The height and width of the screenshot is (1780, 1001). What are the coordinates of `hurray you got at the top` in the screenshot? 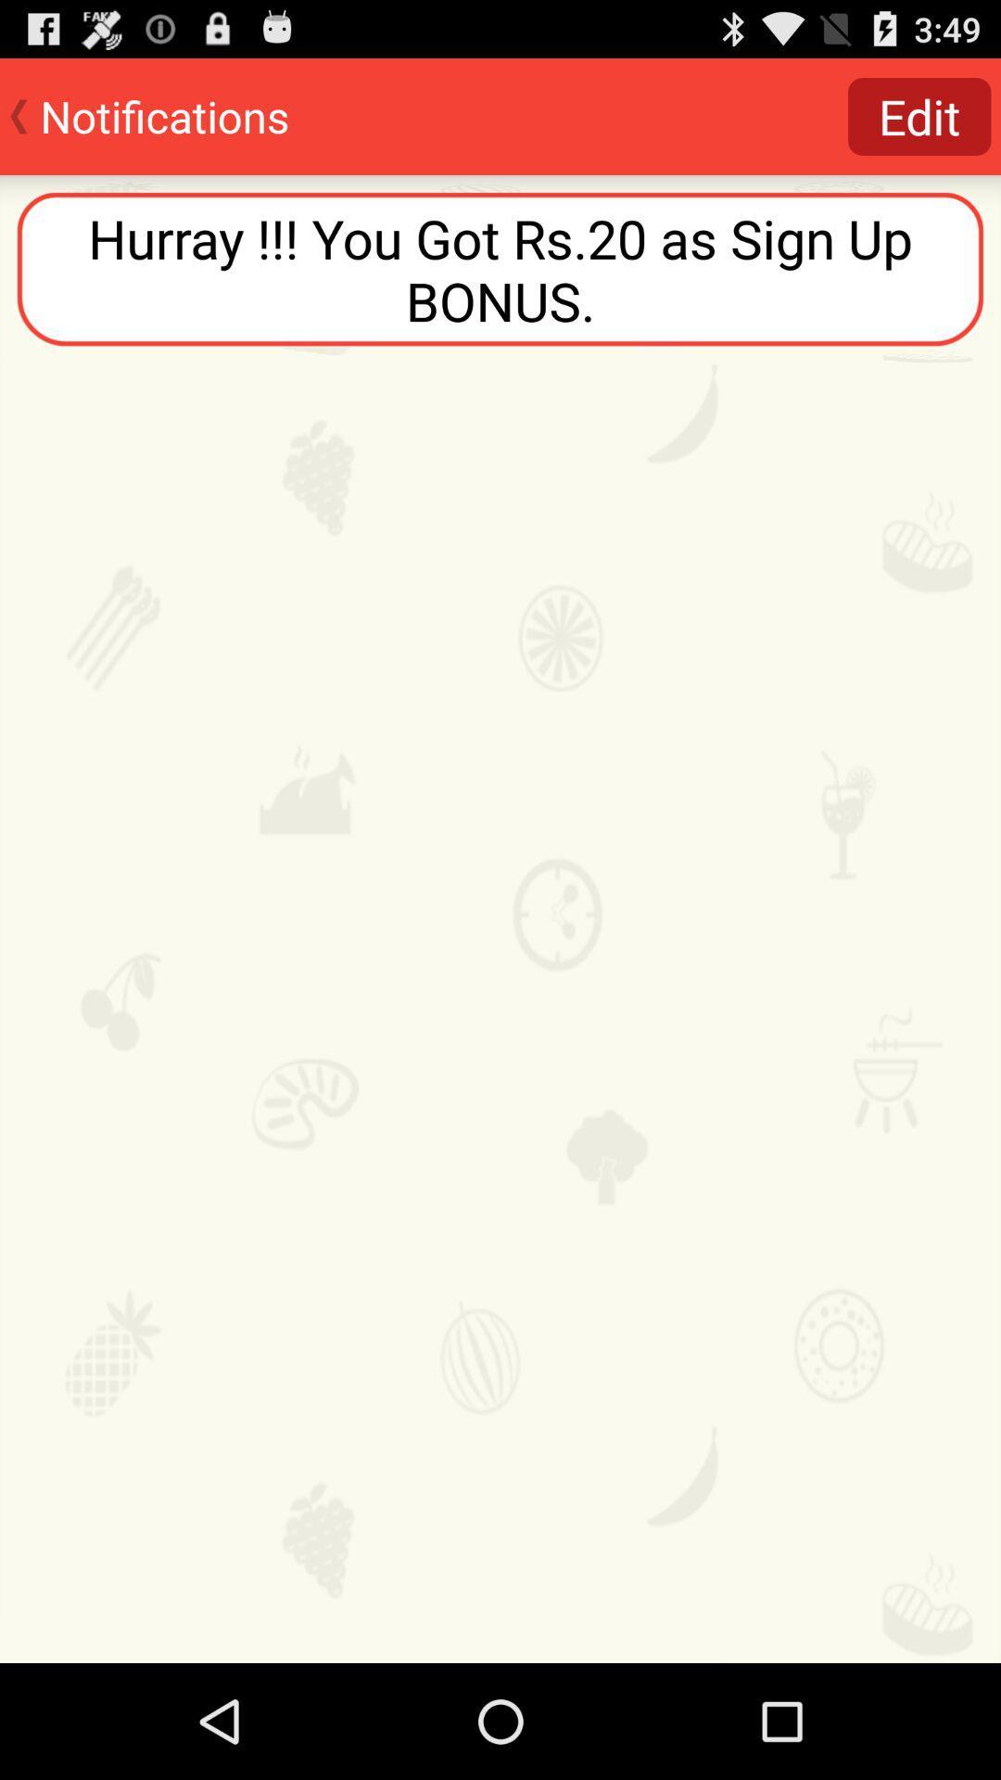 It's located at (500, 268).